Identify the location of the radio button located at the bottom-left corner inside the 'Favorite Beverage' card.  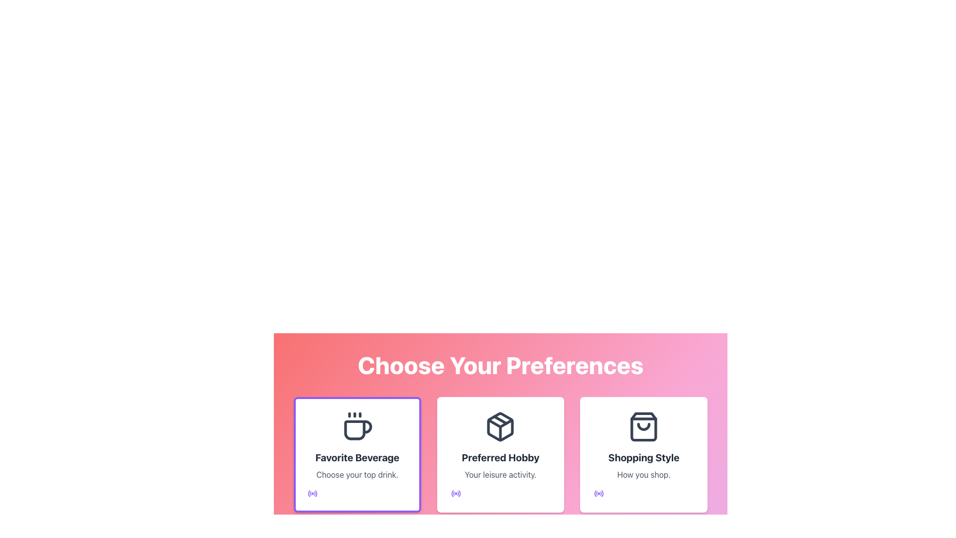
(312, 494).